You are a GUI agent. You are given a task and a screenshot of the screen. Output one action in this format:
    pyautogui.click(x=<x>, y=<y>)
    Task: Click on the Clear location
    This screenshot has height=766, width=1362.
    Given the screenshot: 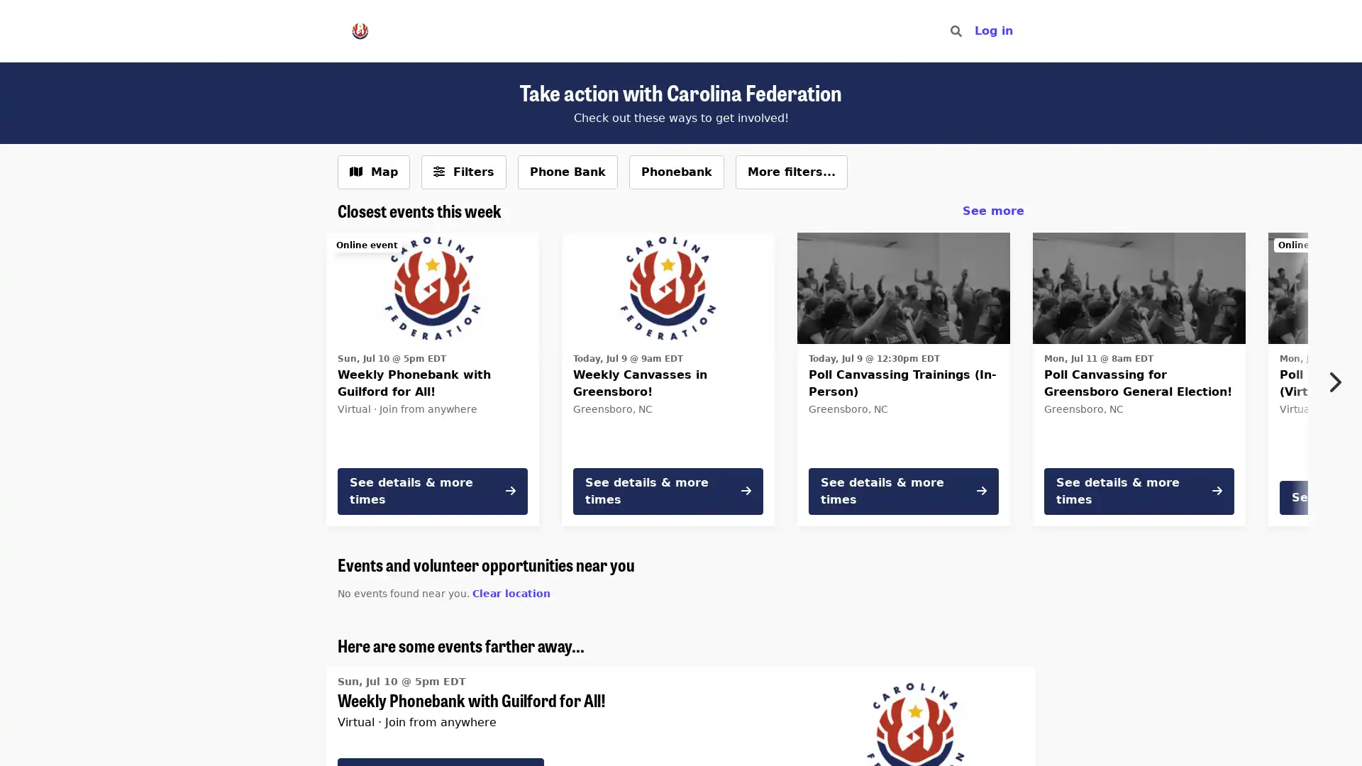 What is the action you would take?
    pyautogui.click(x=511, y=593)
    